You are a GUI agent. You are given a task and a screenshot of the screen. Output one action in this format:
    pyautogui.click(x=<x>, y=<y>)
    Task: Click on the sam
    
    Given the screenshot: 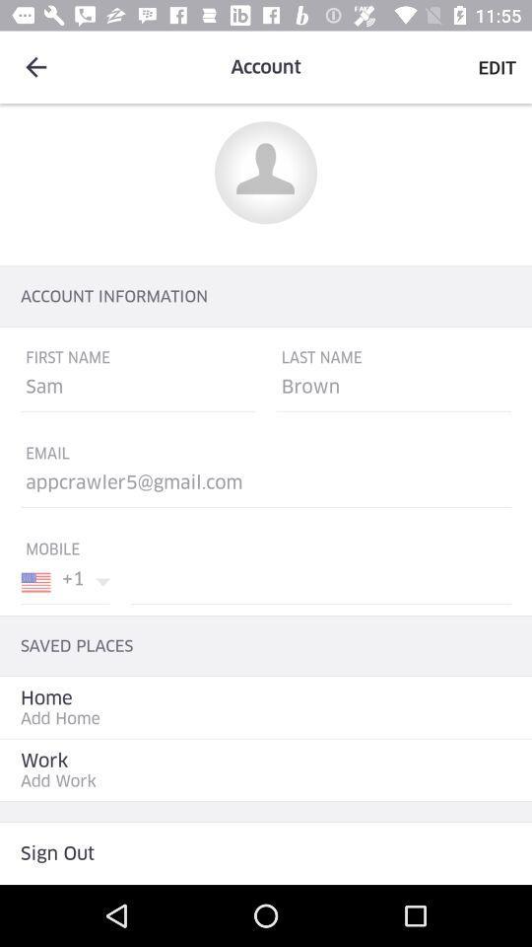 What is the action you would take?
    pyautogui.click(x=137, y=390)
    